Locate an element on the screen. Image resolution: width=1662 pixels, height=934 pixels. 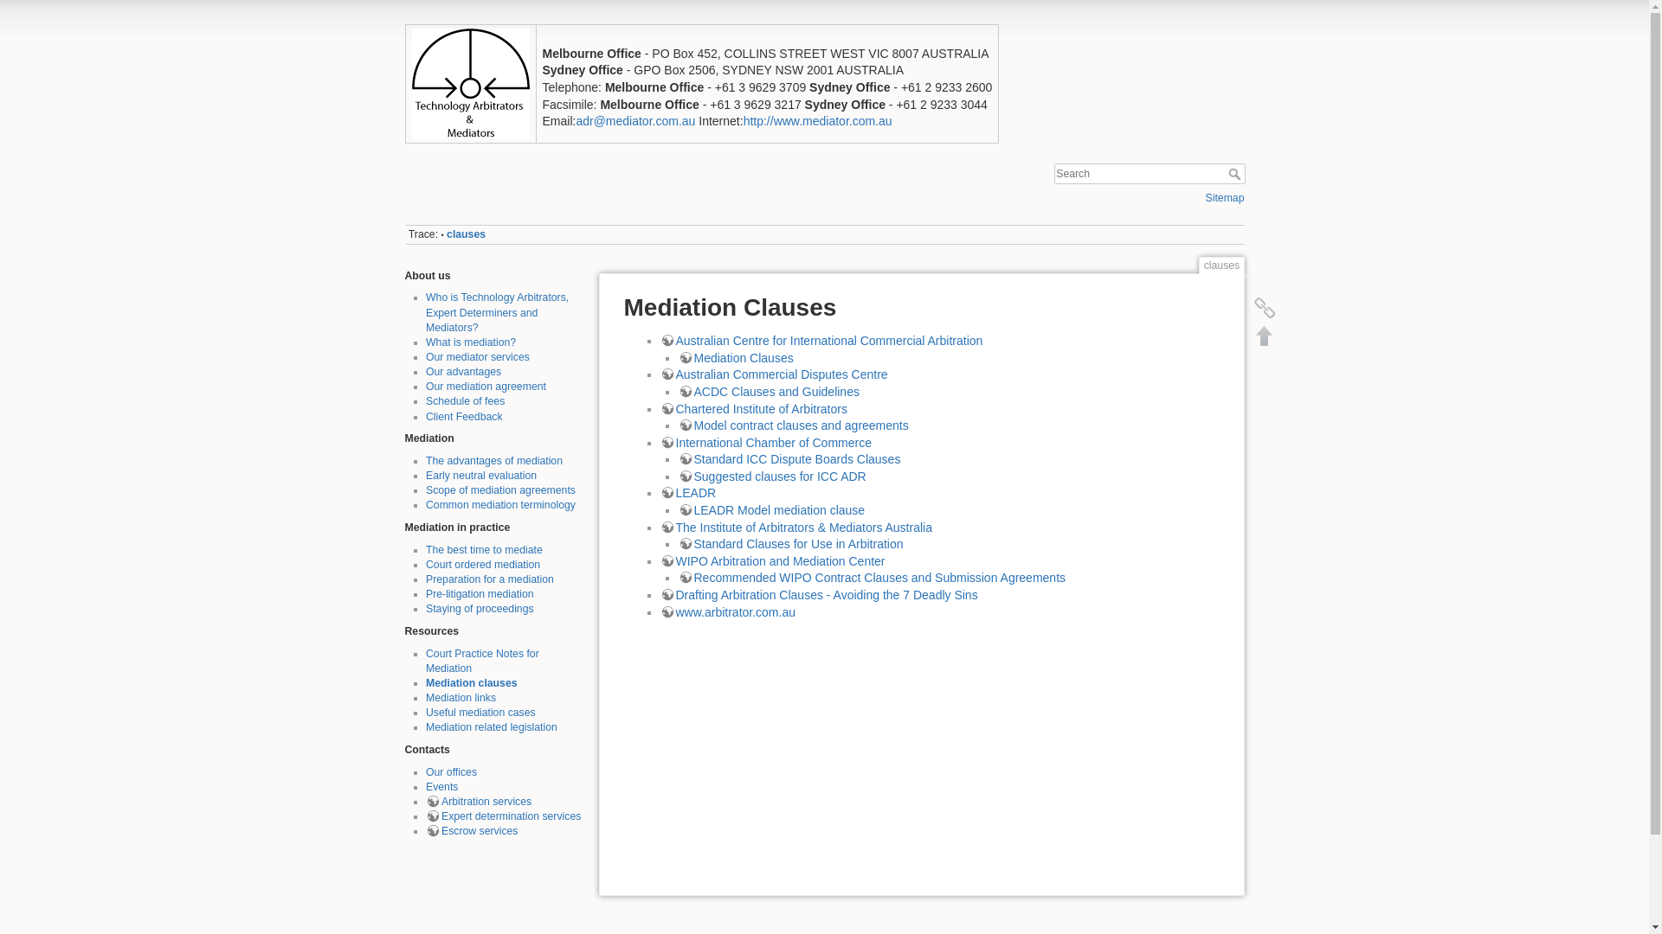
'LEADR Model mediation clause' is located at coordinates (771, 509).